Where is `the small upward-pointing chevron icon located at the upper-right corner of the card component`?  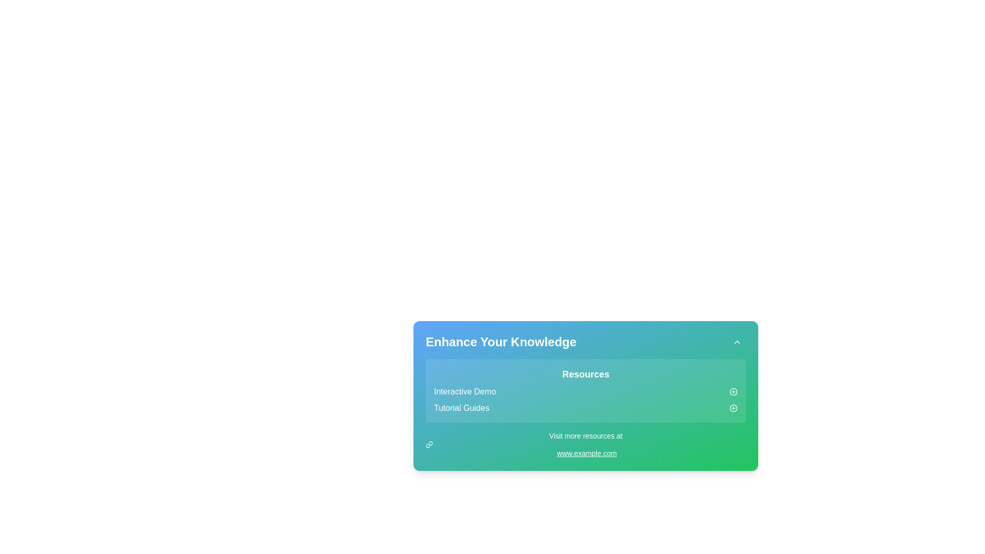 the small upward-pointing chevron icon located at the upper-right corner of the card component is located at coordinates (736, 342).